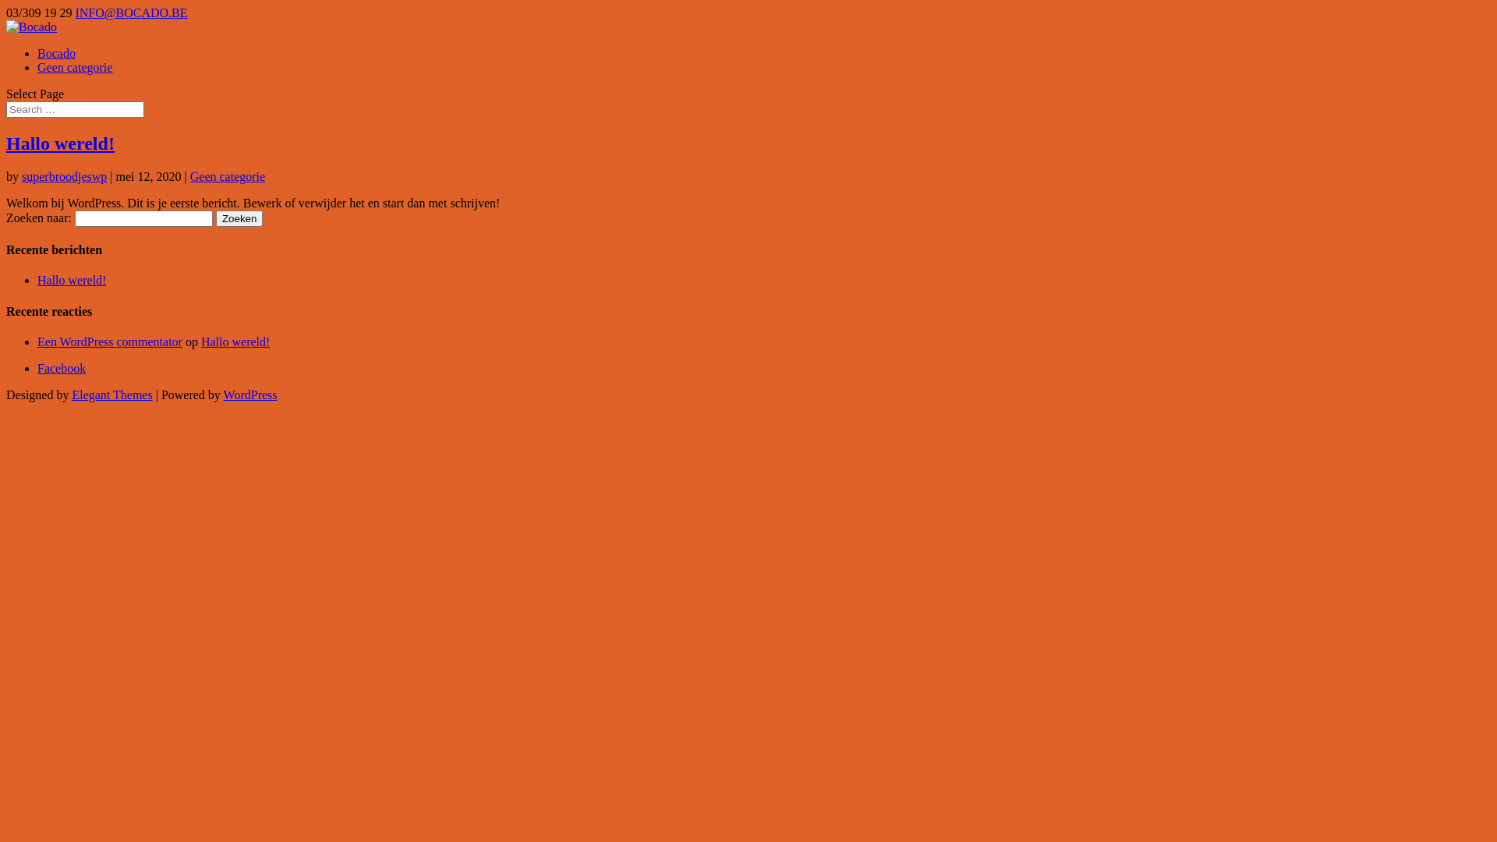 Image resolution: width=1497 pixels, height=842 pixels. Describe the element at coordinates (70, 279) in the screenshot. I see `'Hallo wereld!'` at that location.